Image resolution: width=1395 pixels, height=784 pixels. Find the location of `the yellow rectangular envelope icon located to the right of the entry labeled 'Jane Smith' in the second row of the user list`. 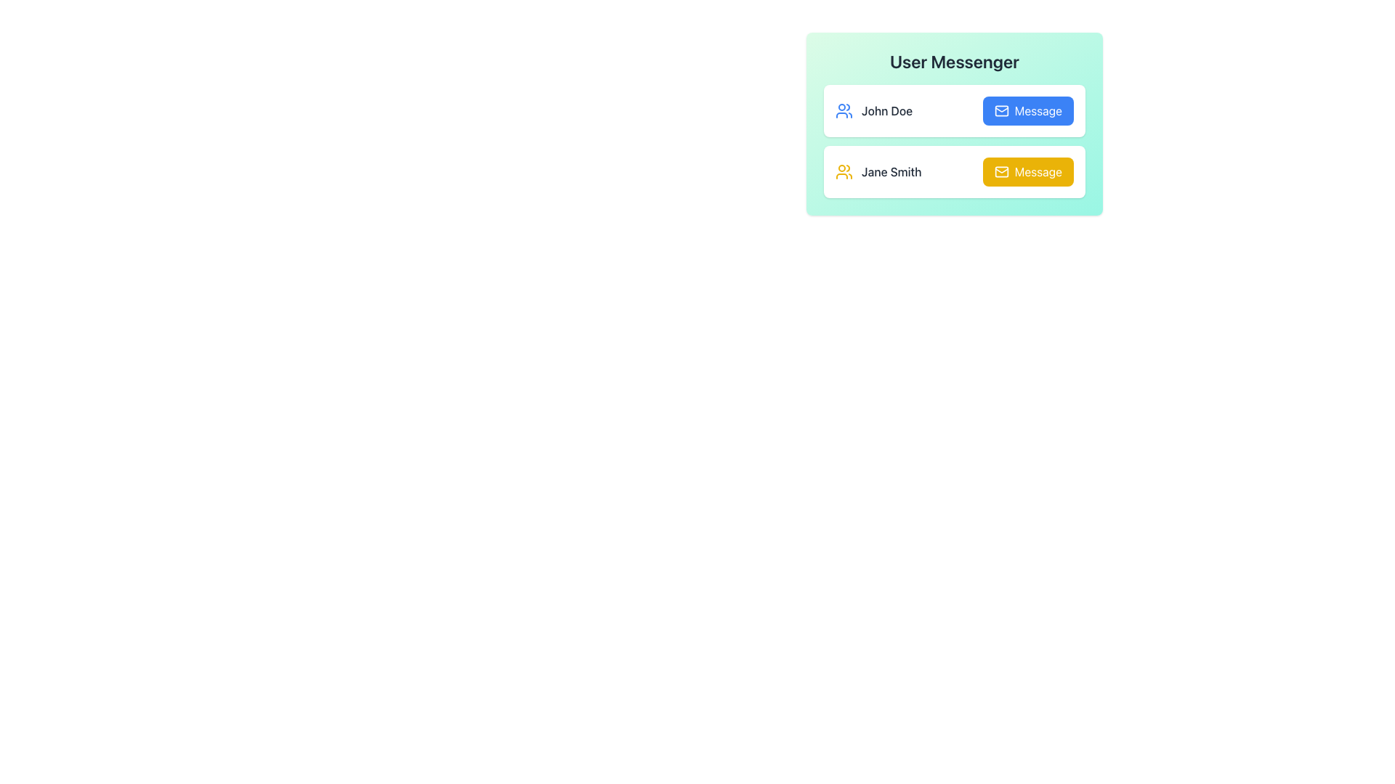

the yellow rectangular envelope icon located to the right of the entry labeled 'Jane Smith' in the second row of the user list is located at coordinates (1000, 171).